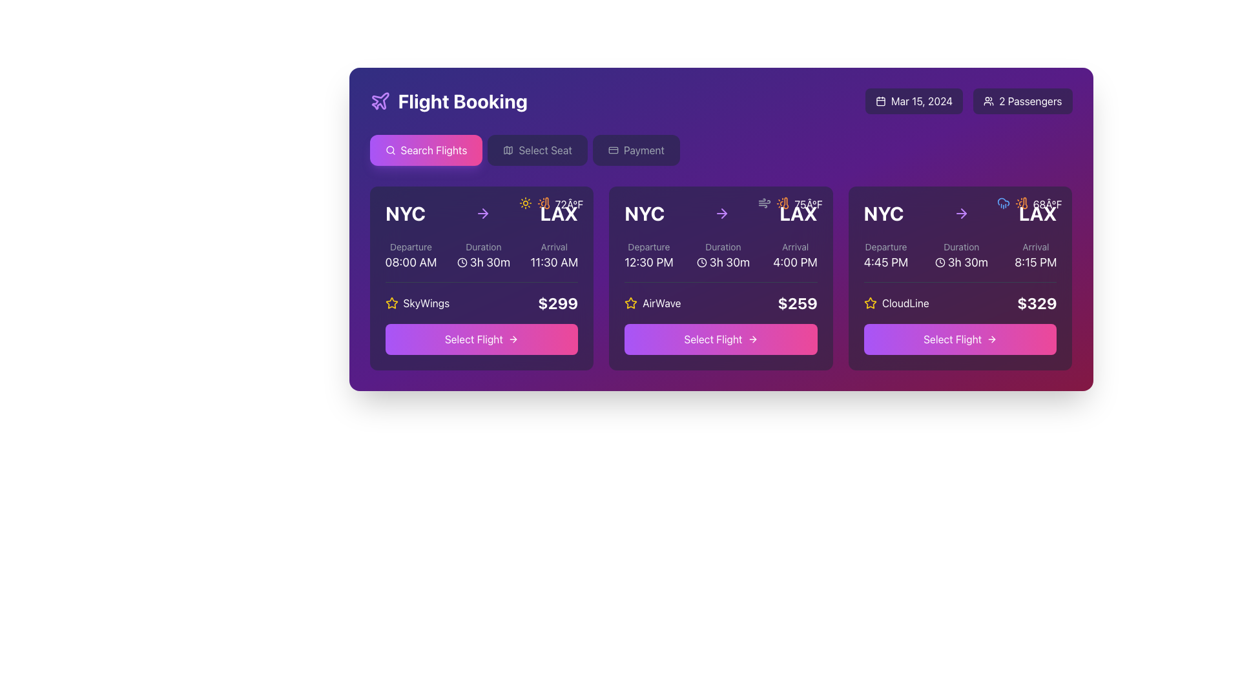  I want to click on the text label displaying the airline name 'SkyWings' located in the lower section of the leftmost flight option card, so click(426, 303).